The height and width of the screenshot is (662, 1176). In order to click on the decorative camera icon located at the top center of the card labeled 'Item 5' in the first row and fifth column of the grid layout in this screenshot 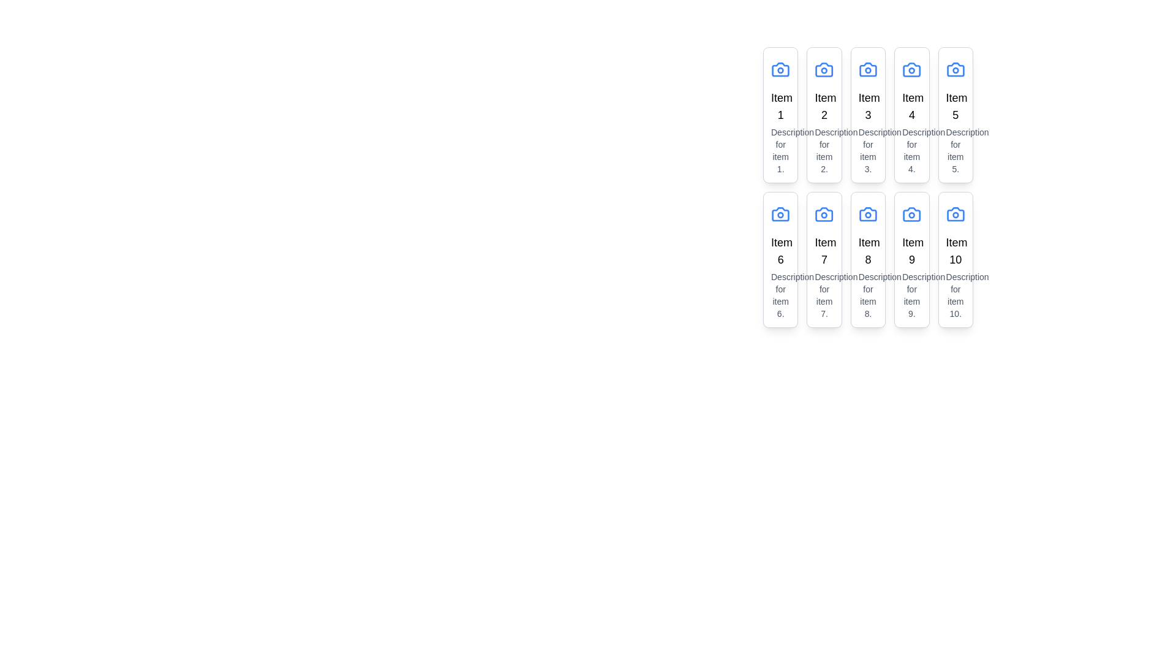, I will do `click(955, 70)`.